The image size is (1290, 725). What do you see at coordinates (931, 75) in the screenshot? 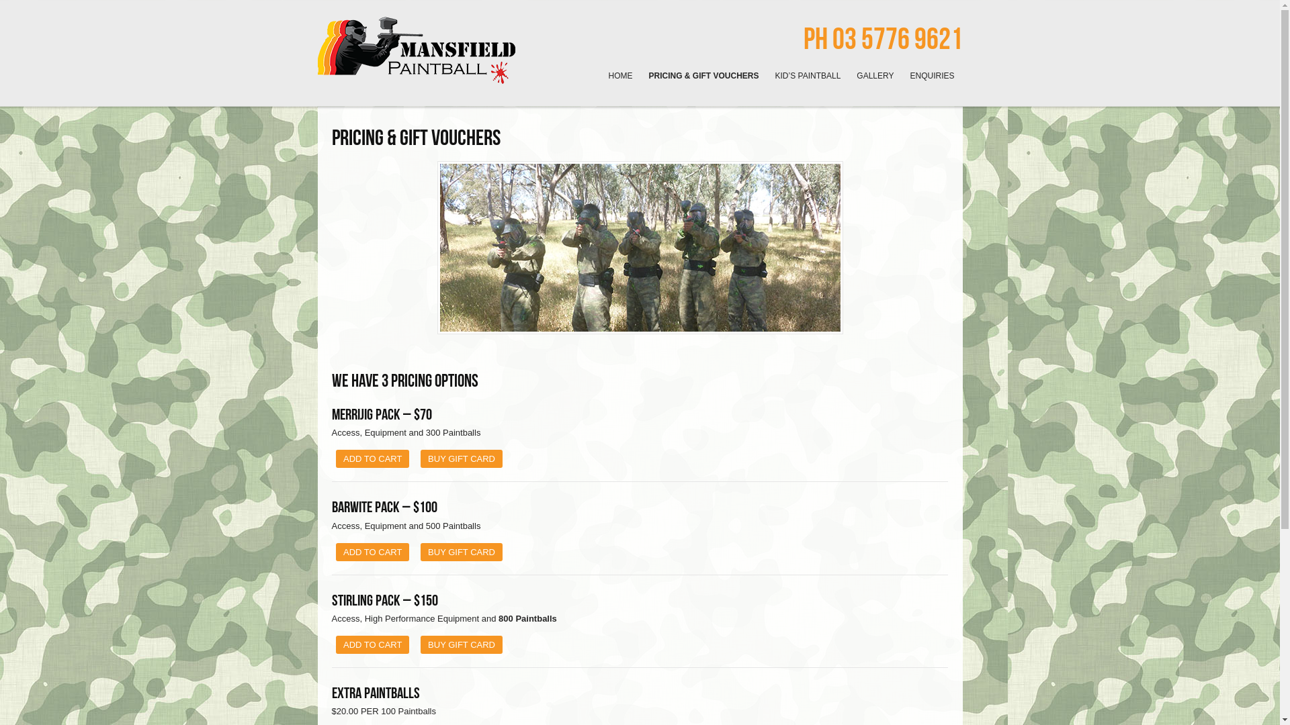
I see `'ENQUIRIES'` at bounding box center [931, 75].